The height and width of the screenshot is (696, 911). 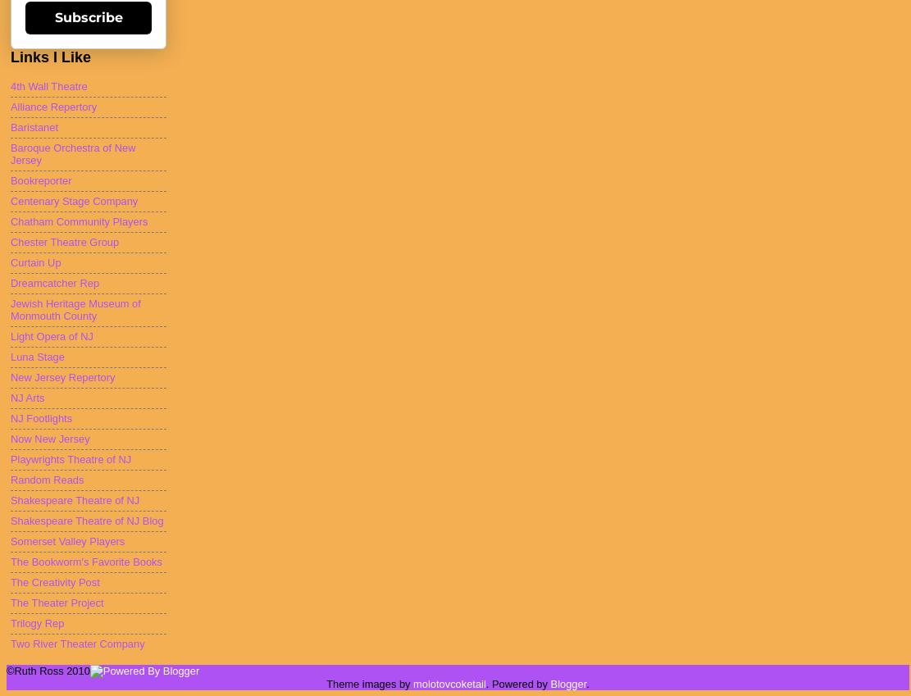 I want to click on 'Two River Theater Company', so click(x=10, y=643).